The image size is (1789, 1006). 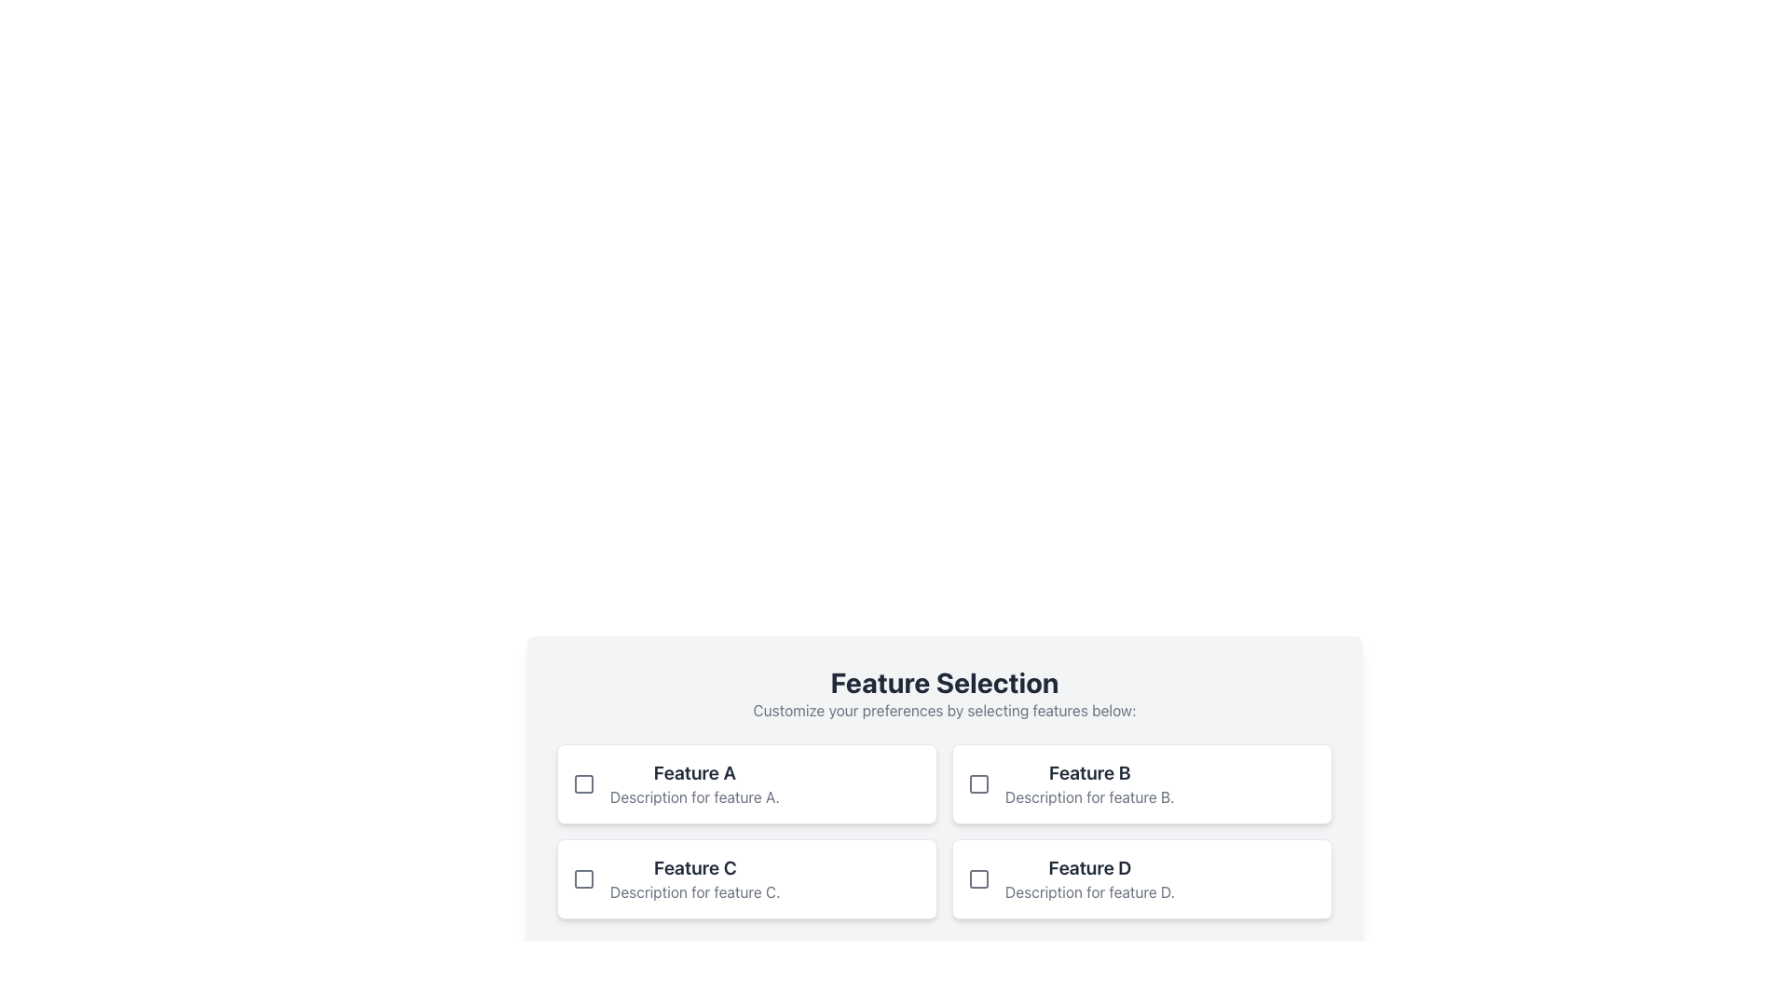 I want to click on descriptive label located beneath the title 'Feature C' in the lower-left side of the layout grid, so click(x=694, y=890).